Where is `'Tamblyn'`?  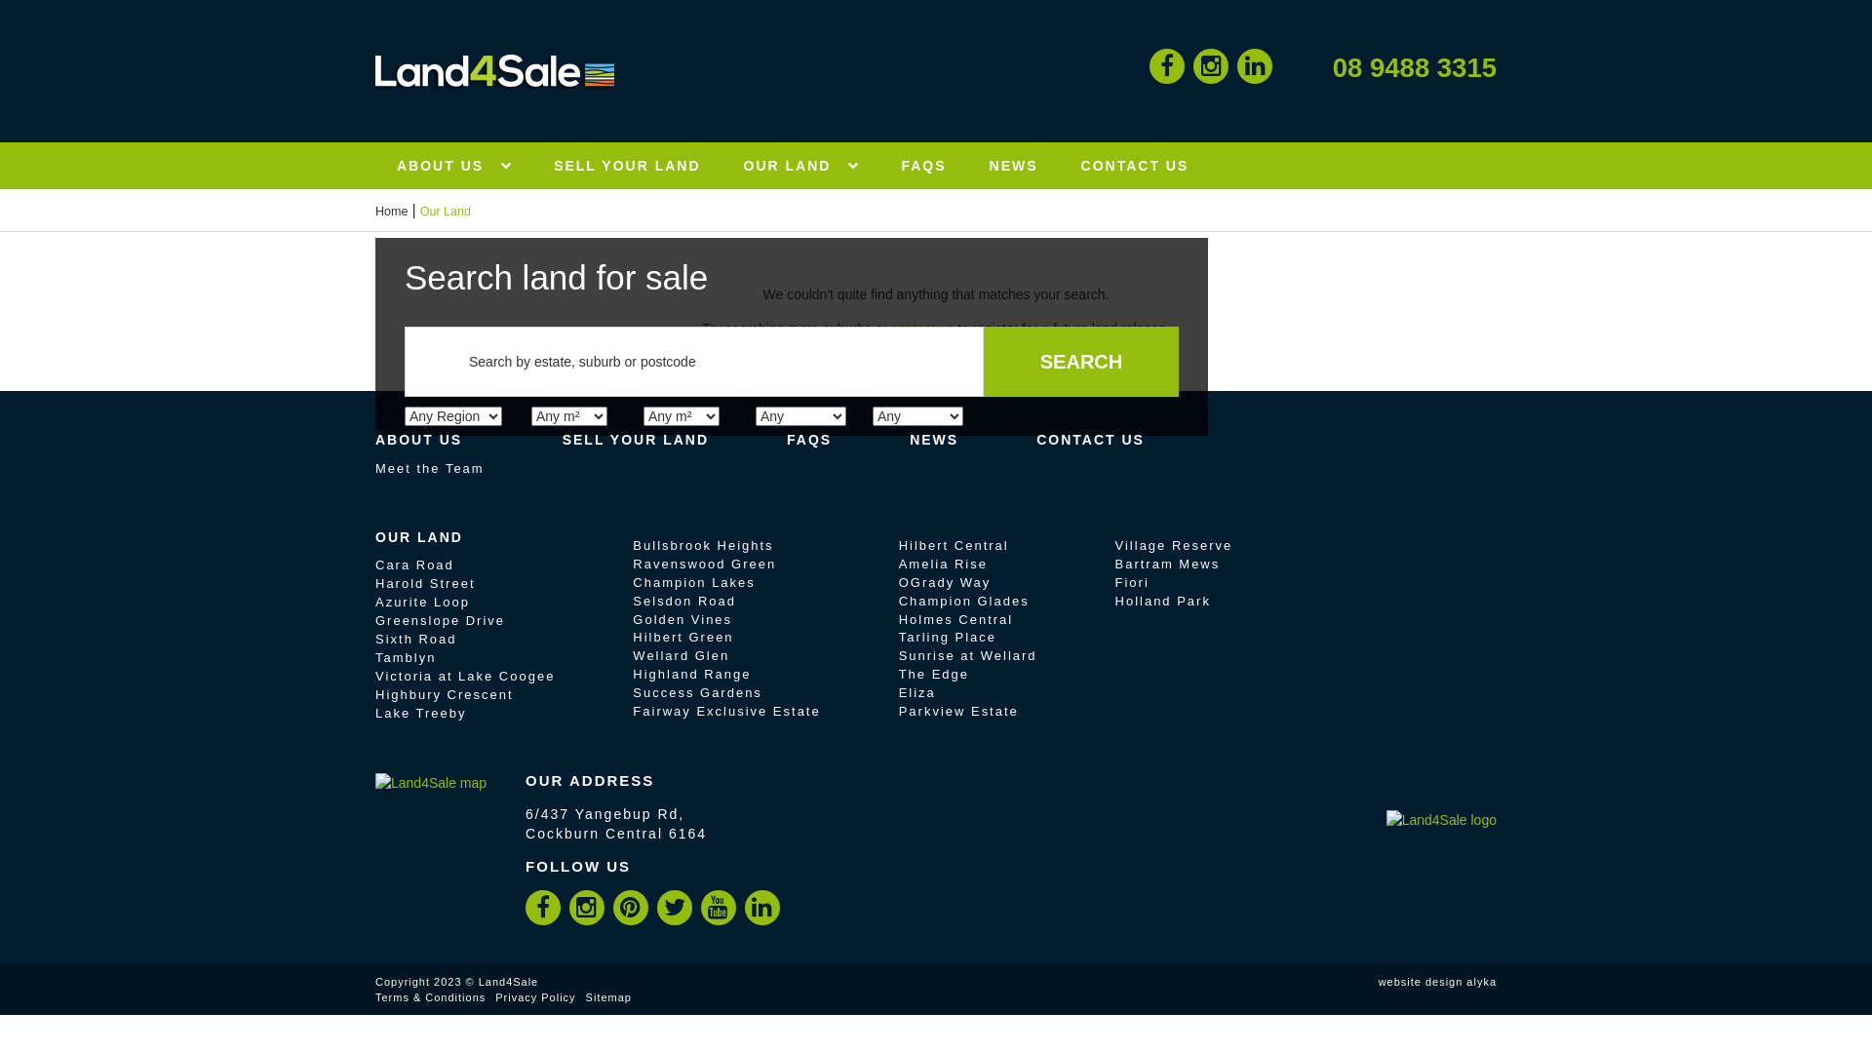 'Tamblyn' is located at coordinates (405, 657).